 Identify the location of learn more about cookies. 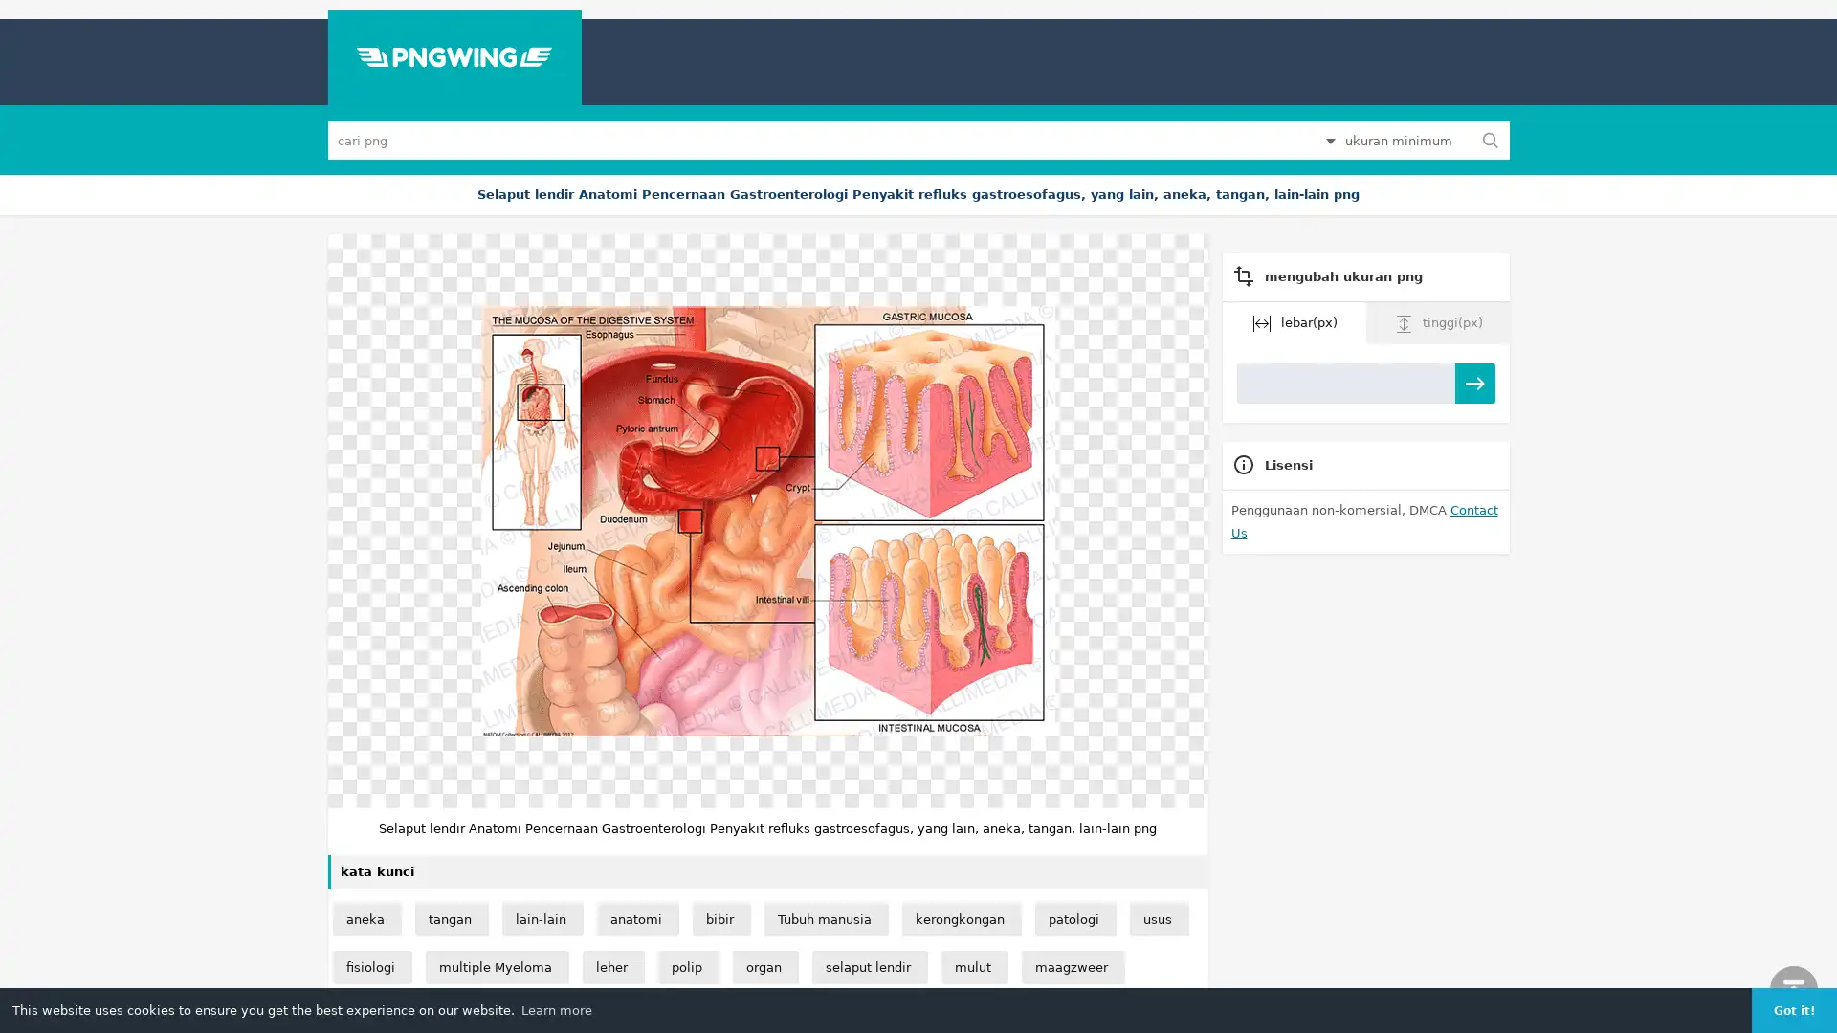
(555, 1009).